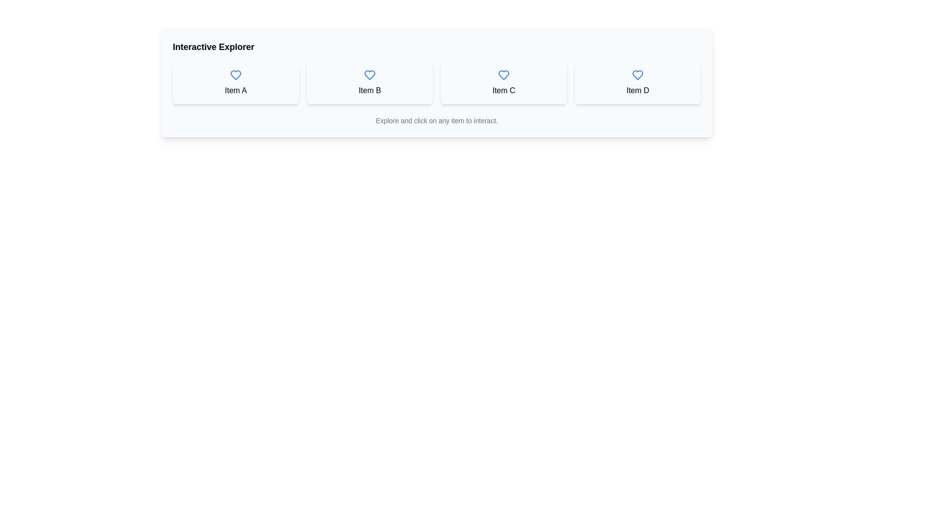 This screenshot has width=932, height=524. What do you see at coordinates (235, 74) in the screenshot?
I see `the heart-shaped icon with a blue outline located above the text 'Item A'` at bounding box center [235, 74].